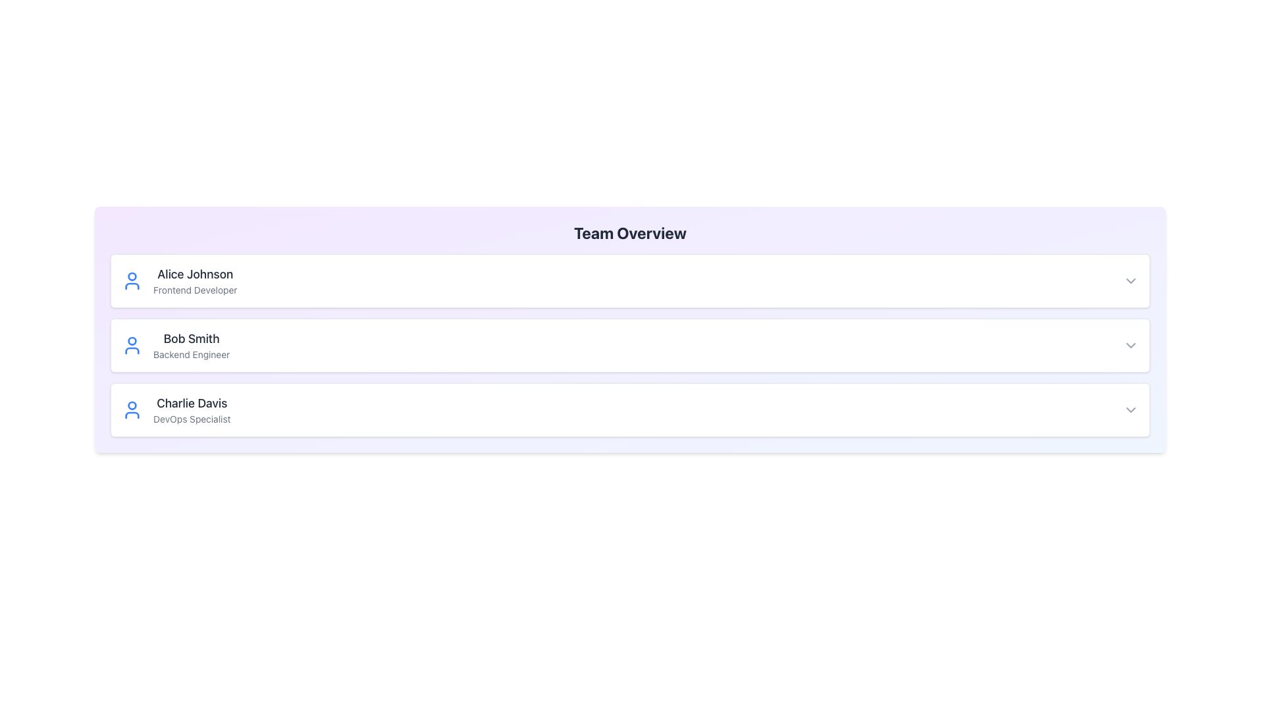  I want to click on the circular graphical element representing the head of the user avatar icon for 'Alice Johnson', so click(132, 276).